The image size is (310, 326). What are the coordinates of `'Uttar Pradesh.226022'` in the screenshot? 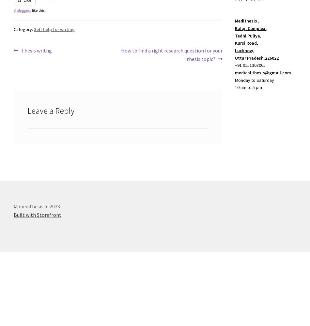 It's located at (234, 58).